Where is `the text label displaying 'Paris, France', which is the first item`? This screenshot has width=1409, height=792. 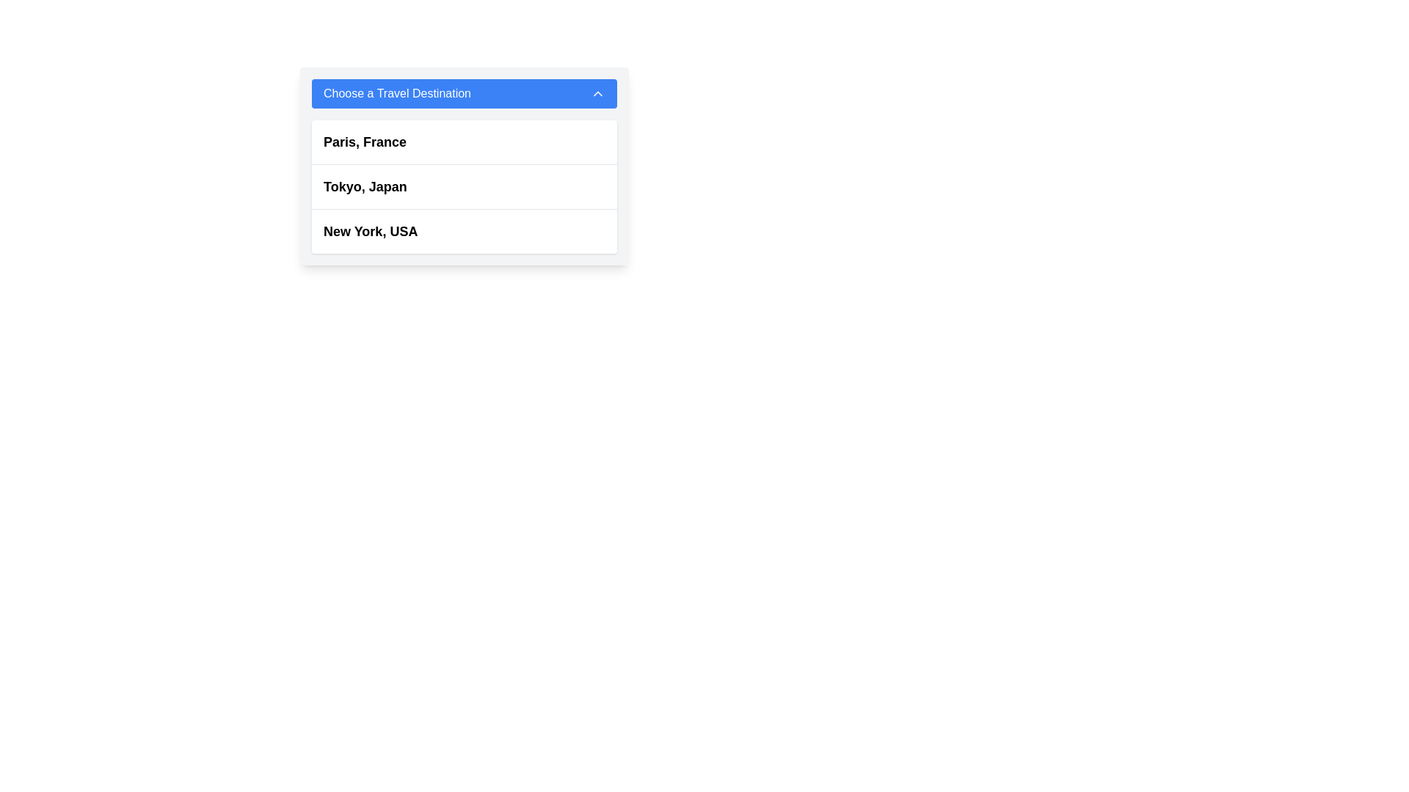
the text label displaying 'Paris, France', which is the first item is located at coordinates (365, 142).